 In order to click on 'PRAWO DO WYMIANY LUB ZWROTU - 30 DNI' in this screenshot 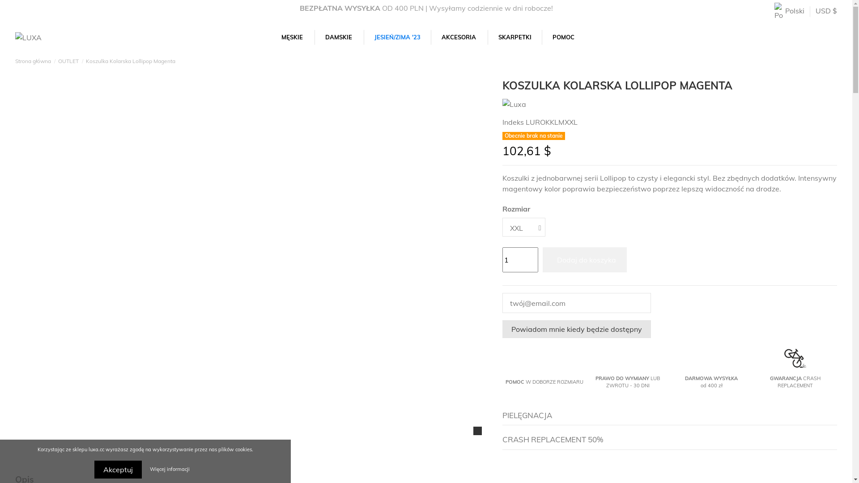, I will do `click(595, 381)`.